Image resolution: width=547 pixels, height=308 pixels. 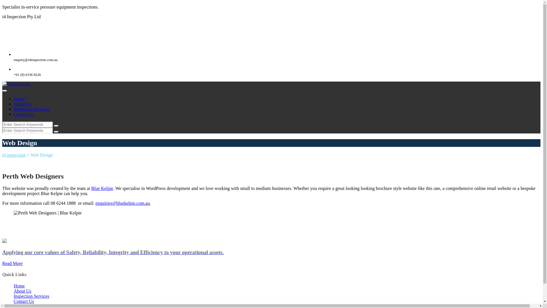 I want to click on 'Read More', so click(x=12, y=263).